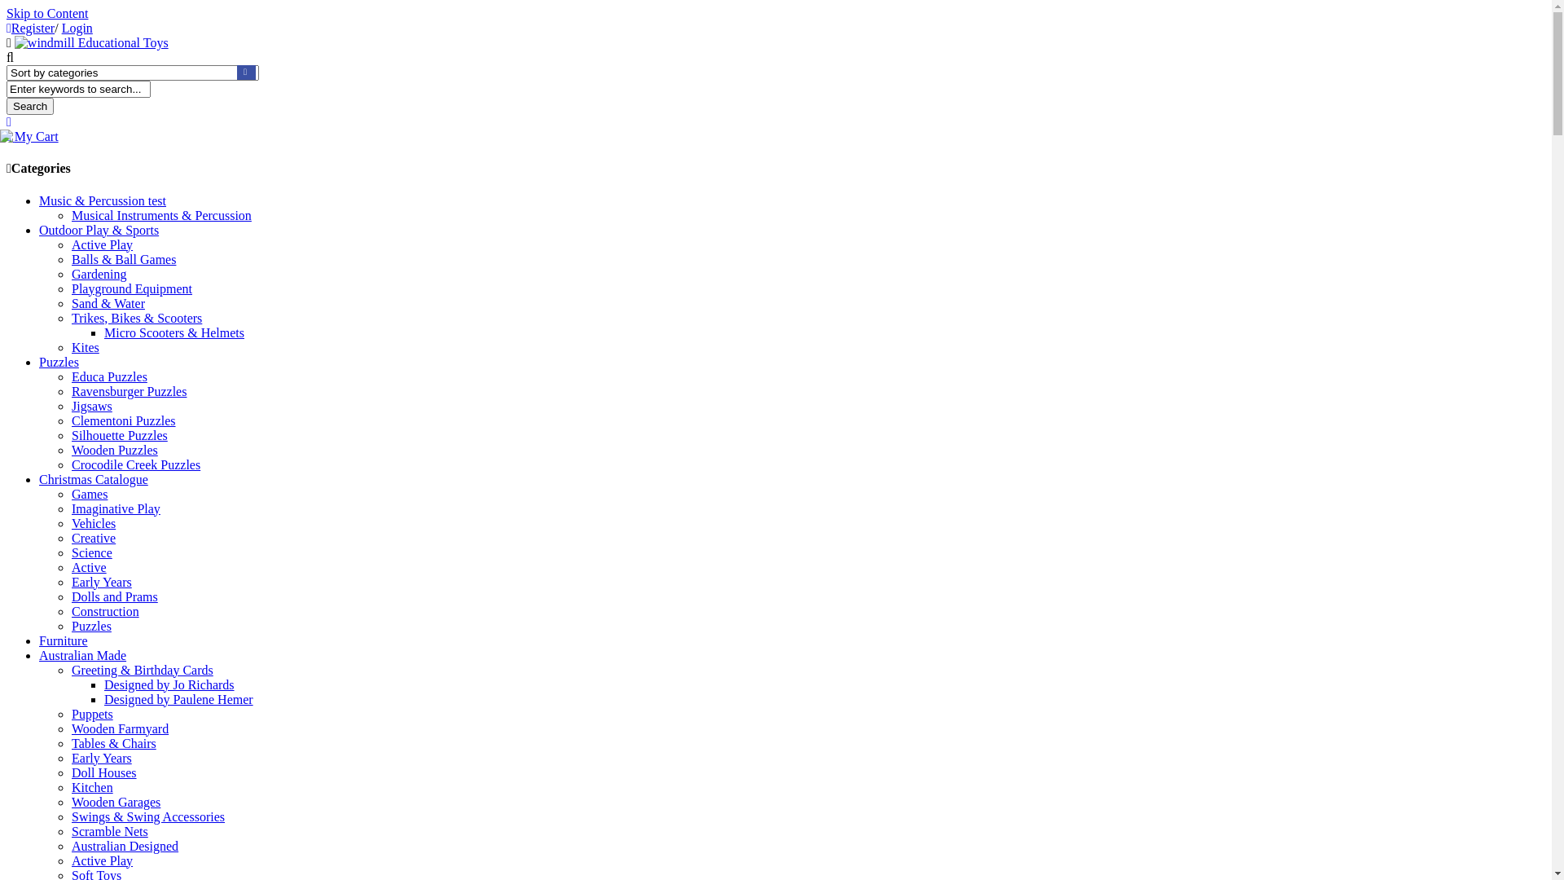 This screenshot has height=880, width=1564. I want to click on 'Designed by Paulene Hemer', so click(178, 698).